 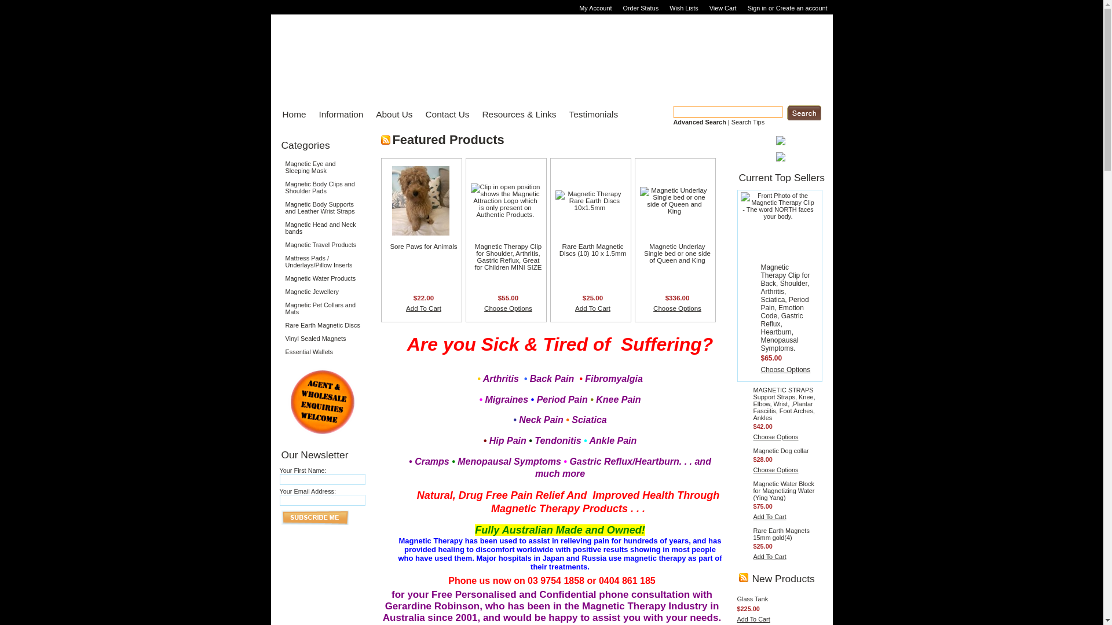 What do you see at coordinates (322, 325) in the screenshot?
I see `'Rare Earth Magnetic Discs'` at bounding box center [322, 325].